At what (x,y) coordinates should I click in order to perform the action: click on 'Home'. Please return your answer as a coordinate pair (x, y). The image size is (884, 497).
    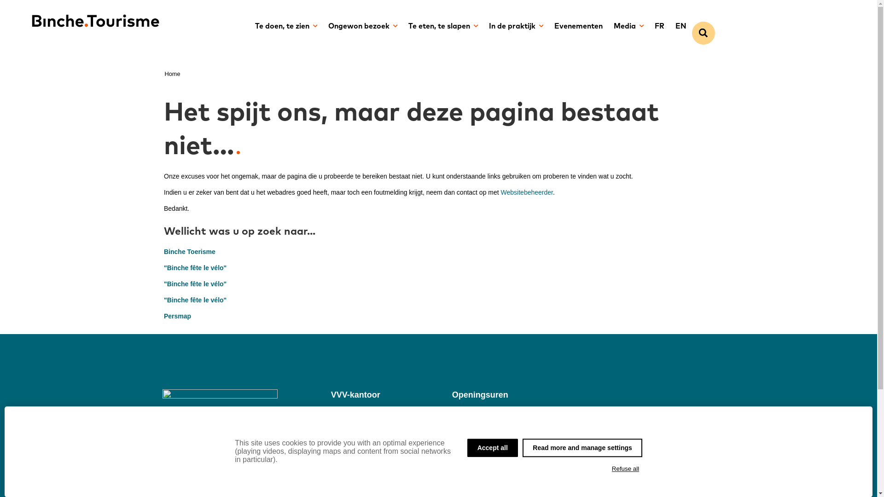
    Looking at the image, I should click on (165, 73).